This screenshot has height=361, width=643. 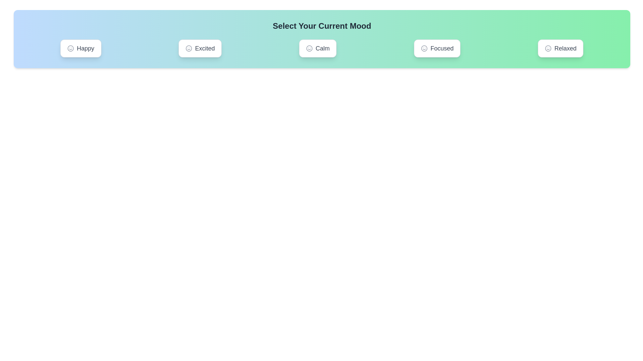 What do you see at coordinates (80, 48) in the screenshot?
I see `the mood button labeled Happy` at bounding box center [80, 48].